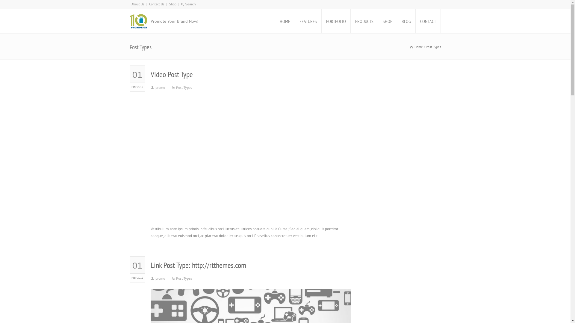 The width and height of the screenshot is (575, 323). I want to click on 'Home', so click(409, 47).